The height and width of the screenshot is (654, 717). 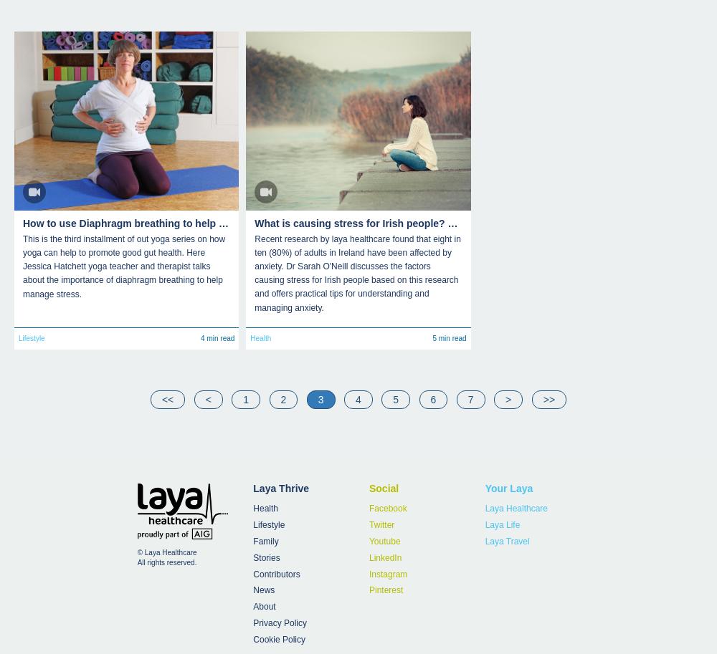 What do you see at coordinates (356, 271) in the screenshot?
I see `'Recent research by laya healthcare found that eight in ten (80%) of adults in Ireland have been affected by anxiety. Dr Sarah O'Neill discusses the factors causing stress for Irish people based on this research and offers practical tips for understanding and managing anxiety.'` at bounding box center [356, 271].